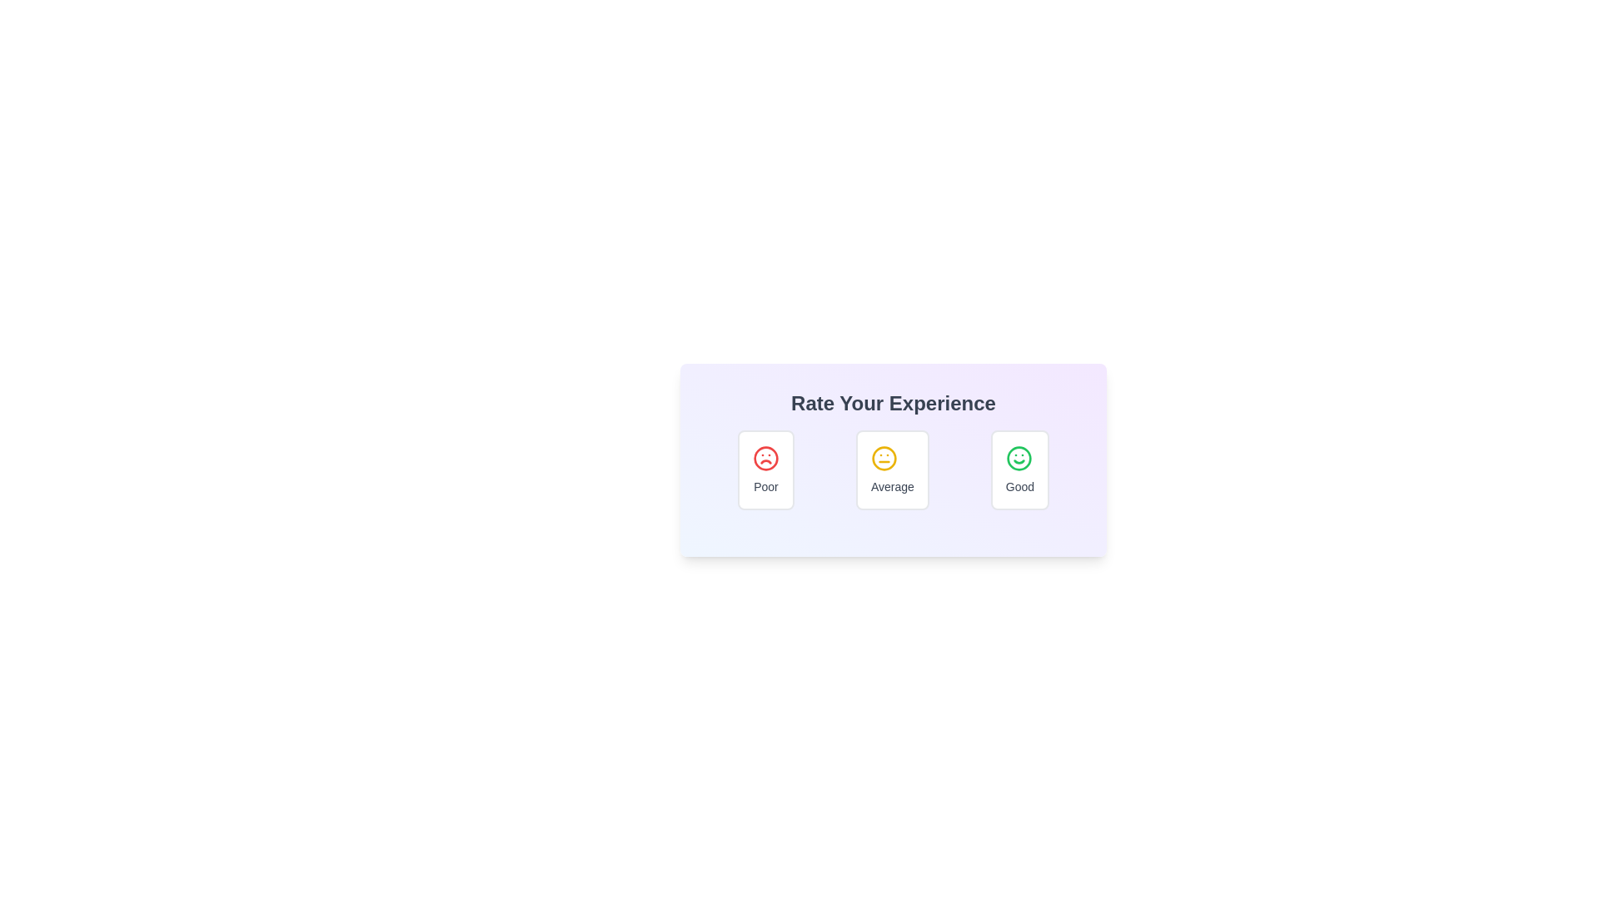 This screenshot has width=1599, height=899. Describe the element at coordinates (765, 459) in the screenshot. I see `the visual appearance of the leftmost circle in the frowning face icon representing the 'Poor' rating option under the 'Rate Your Experience' title` at that location.